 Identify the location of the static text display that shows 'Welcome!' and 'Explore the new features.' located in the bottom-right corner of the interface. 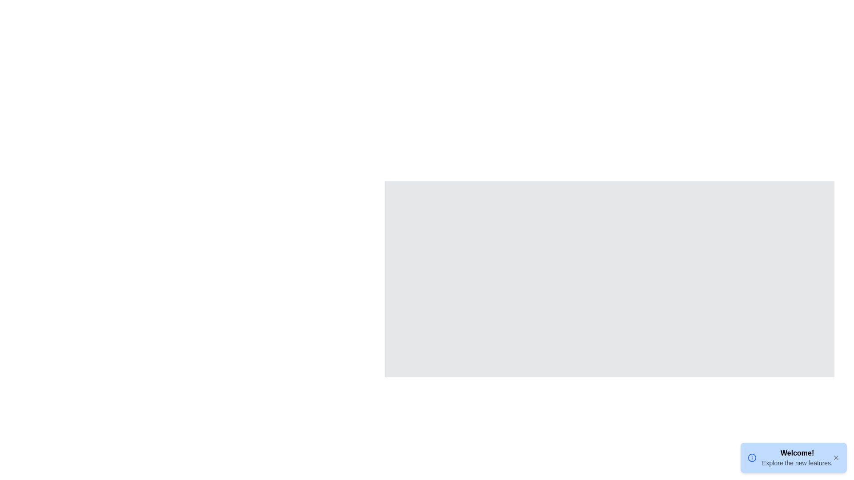
(797, 457).